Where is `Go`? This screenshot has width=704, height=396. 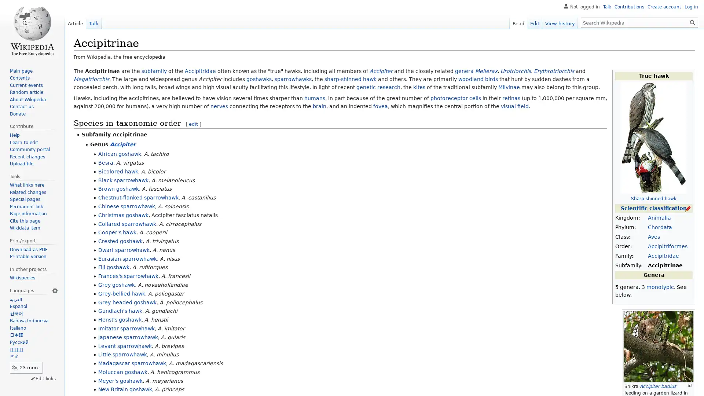
Go is located at coordinates (692, 22).